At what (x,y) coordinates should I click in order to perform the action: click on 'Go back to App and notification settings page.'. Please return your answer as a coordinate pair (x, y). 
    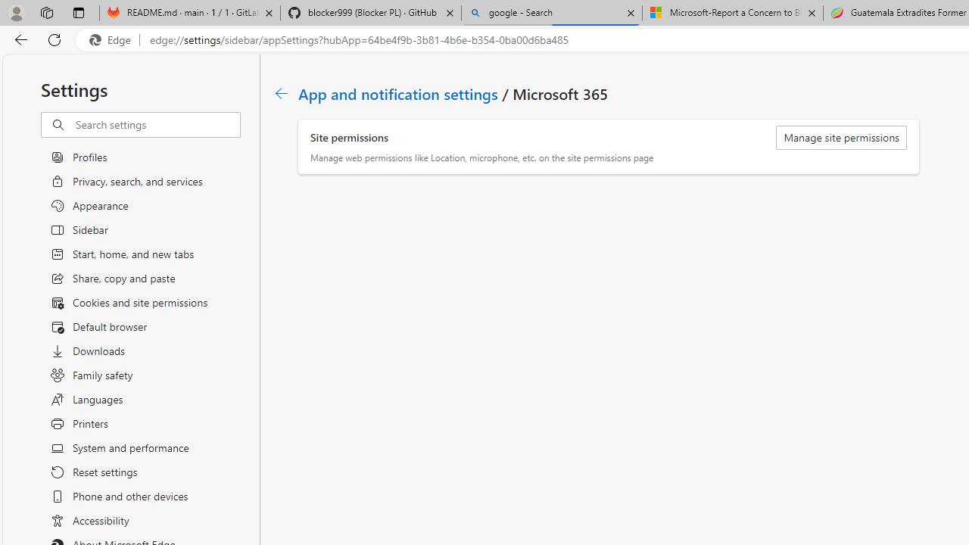
    Looking at the image, I should click on (282, 93).